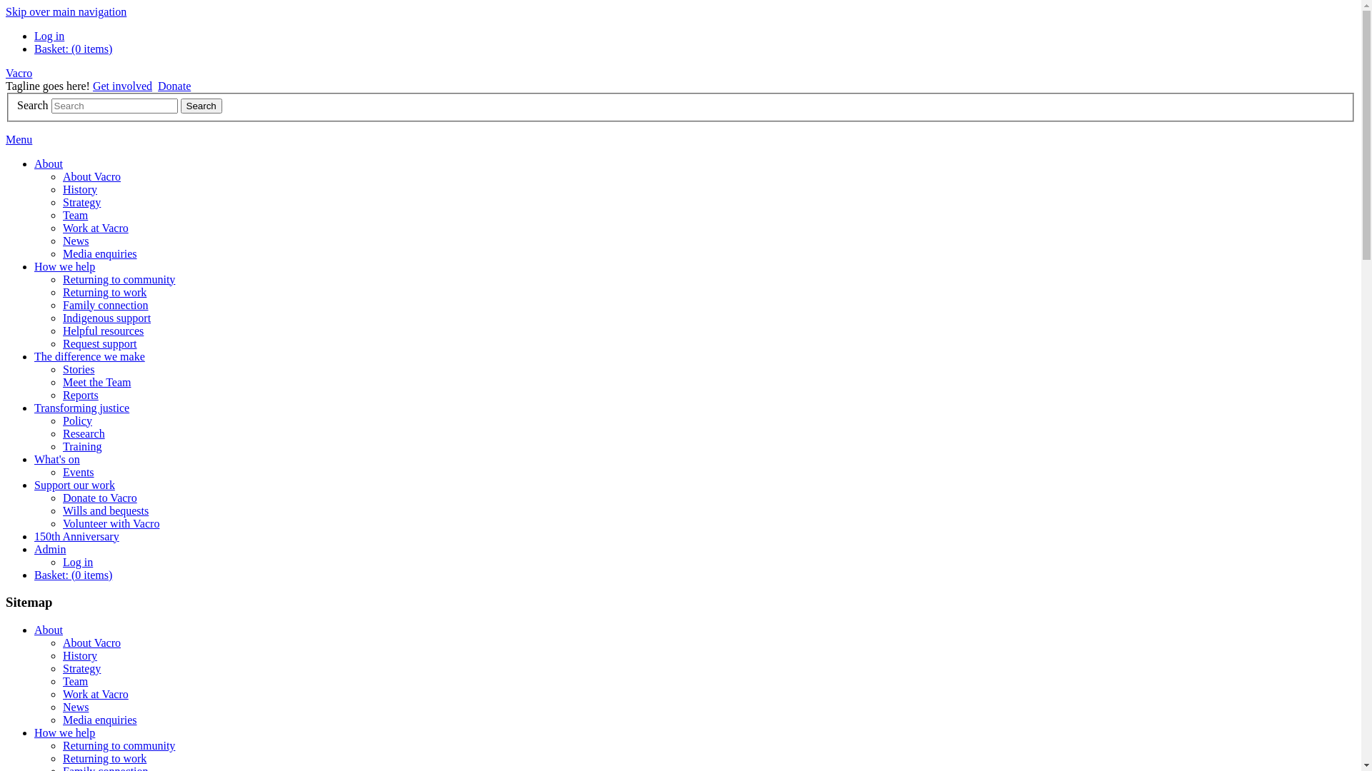 The height and width of the screenshot is (771, 1372). I want to click on 'Search', so click(201, 105).